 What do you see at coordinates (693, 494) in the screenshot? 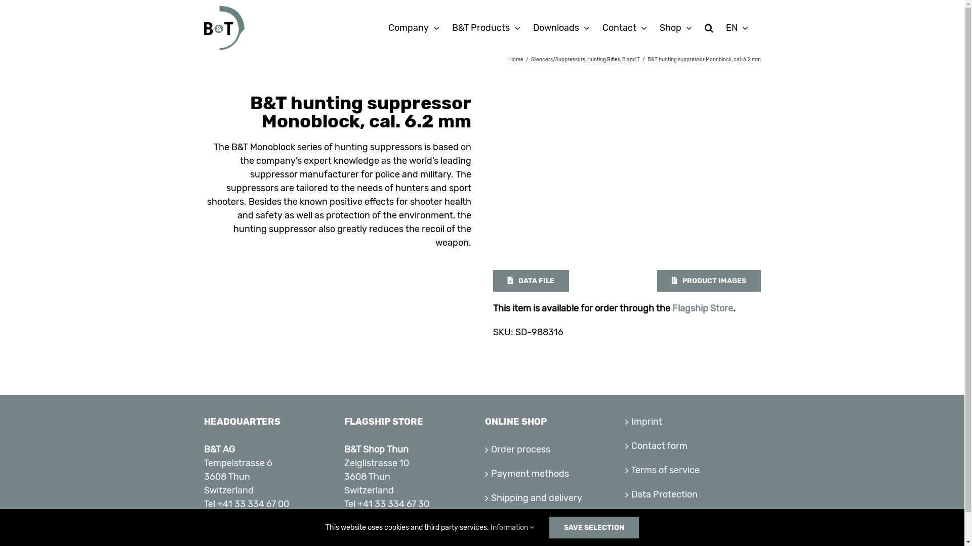
I see `'Data Protection'` at bounding box center [693, 494].